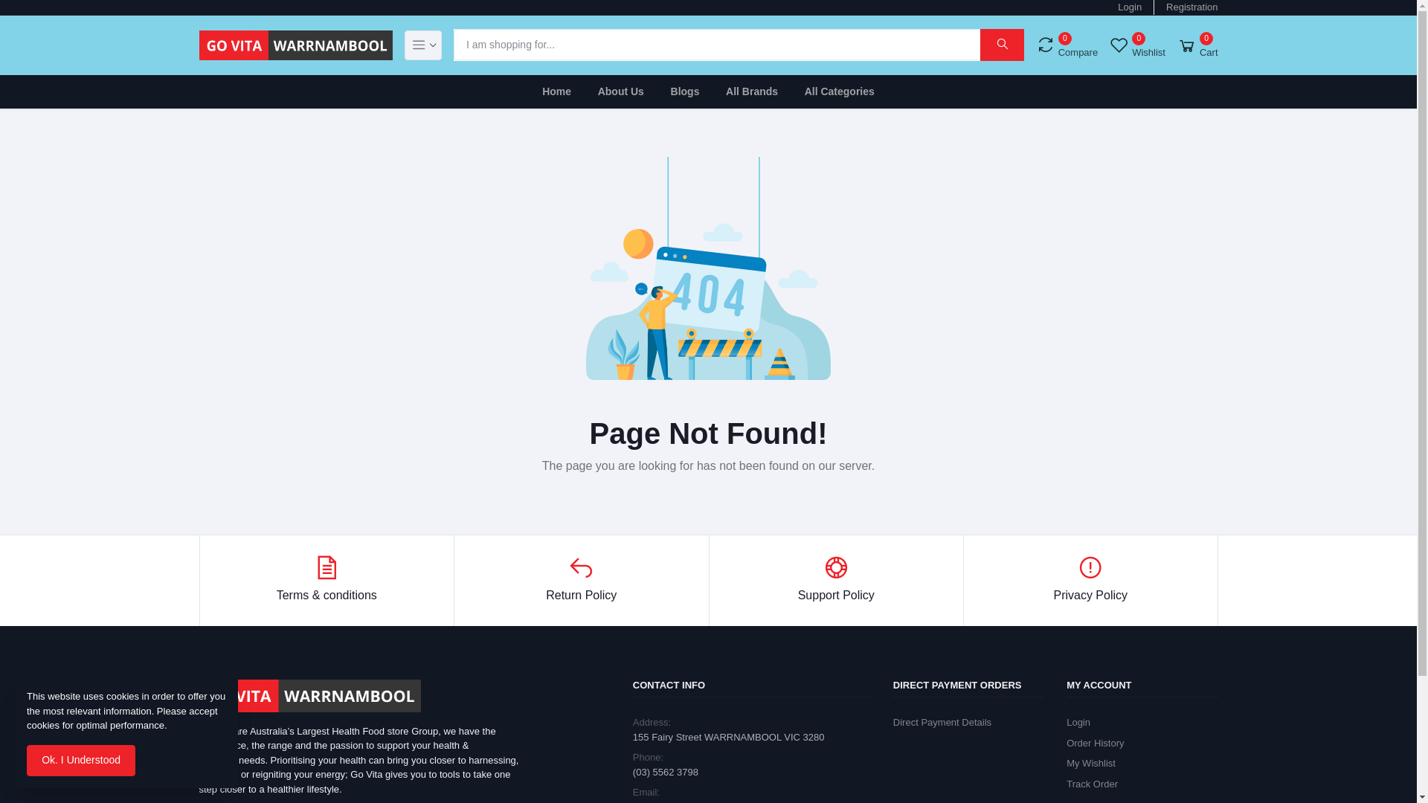 This screenshot has width=1428, height=803. I want to click on 'Home', so click(556, 91).